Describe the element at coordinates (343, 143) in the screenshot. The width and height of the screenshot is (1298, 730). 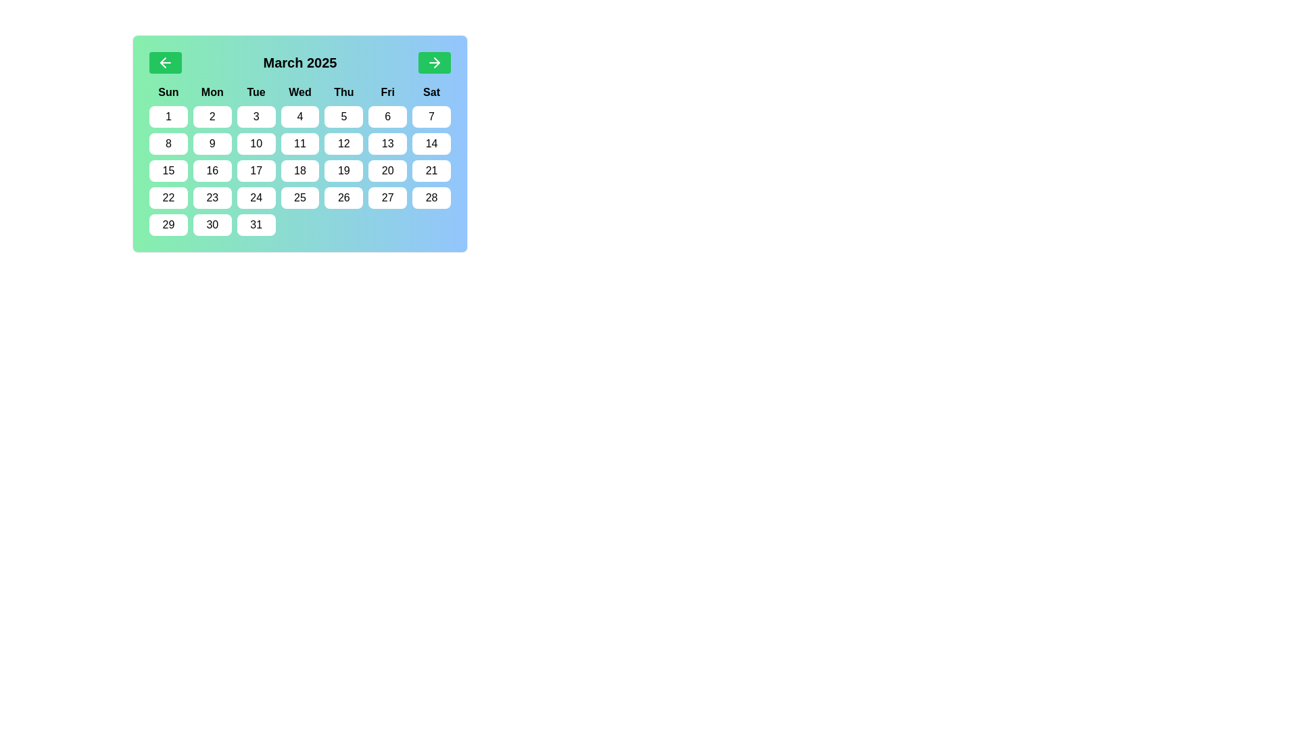
I see `the Interactive calendar day cell representing the 12th day of the month located under the header Thursday ('Thu') in the second row, fifth column of the calendar grid` at that location.